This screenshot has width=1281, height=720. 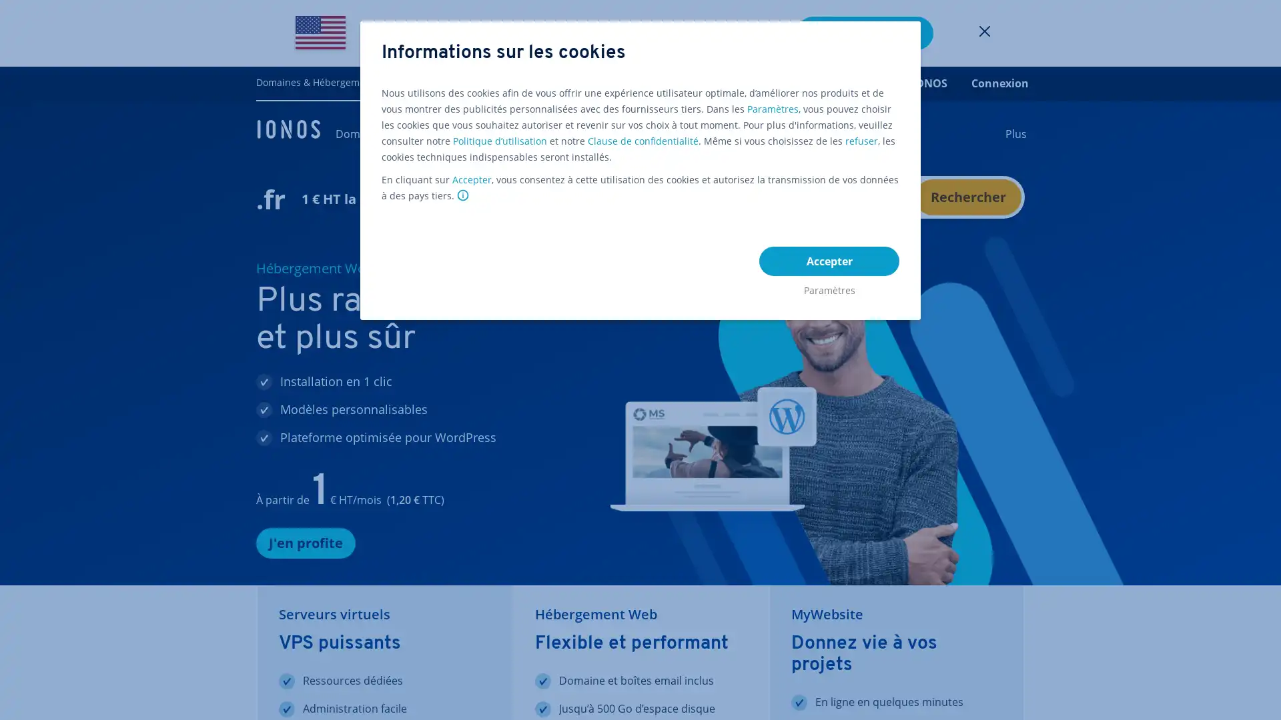 What do you see at coordinates (472, 180) in the screenshot?
I see `Accepter` at bounding box center [472, 180].